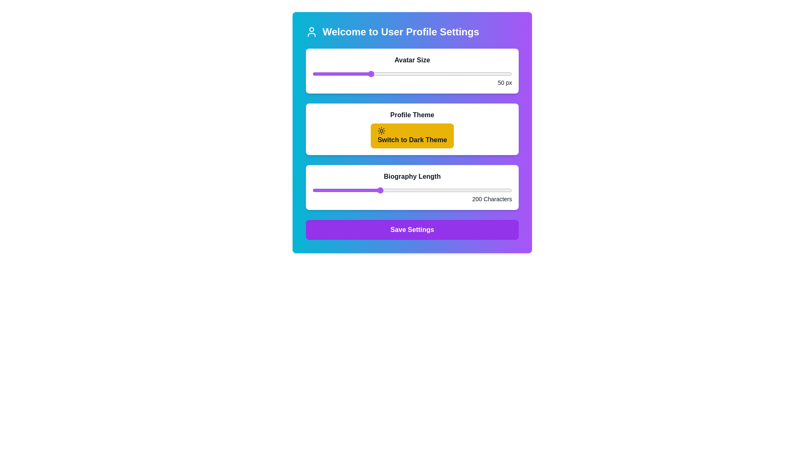 The width and height of the screenshot is (798, 449). I want to click on the biography length slider, so click(457, 190).